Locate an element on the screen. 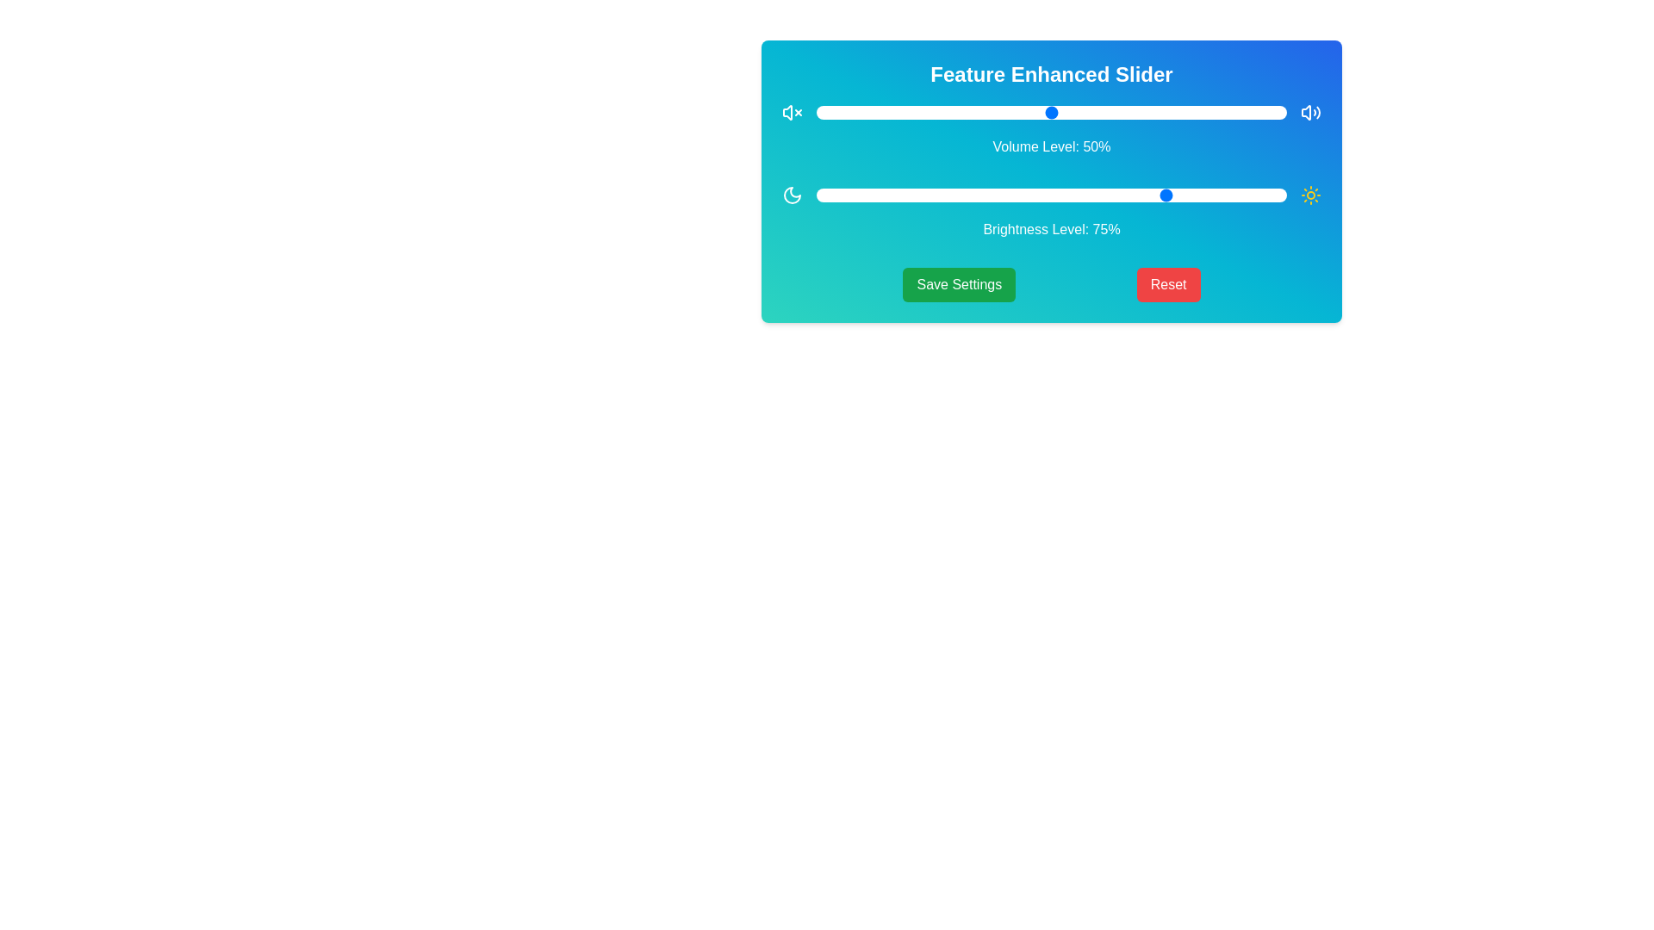 This screenshot has width=1654, height=930. the track of the Range slider located below the 'Volume Level' slider to adjust the brightness level, which is indicated by the 'Brightness Level: 75%' label is located at coordinates (1050, 195).